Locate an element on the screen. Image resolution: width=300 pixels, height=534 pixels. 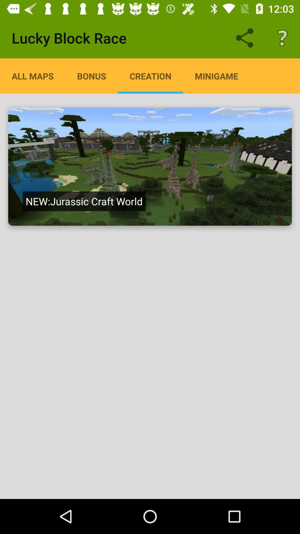
the item to the left of minigame item is located at coordinates (150, 76).